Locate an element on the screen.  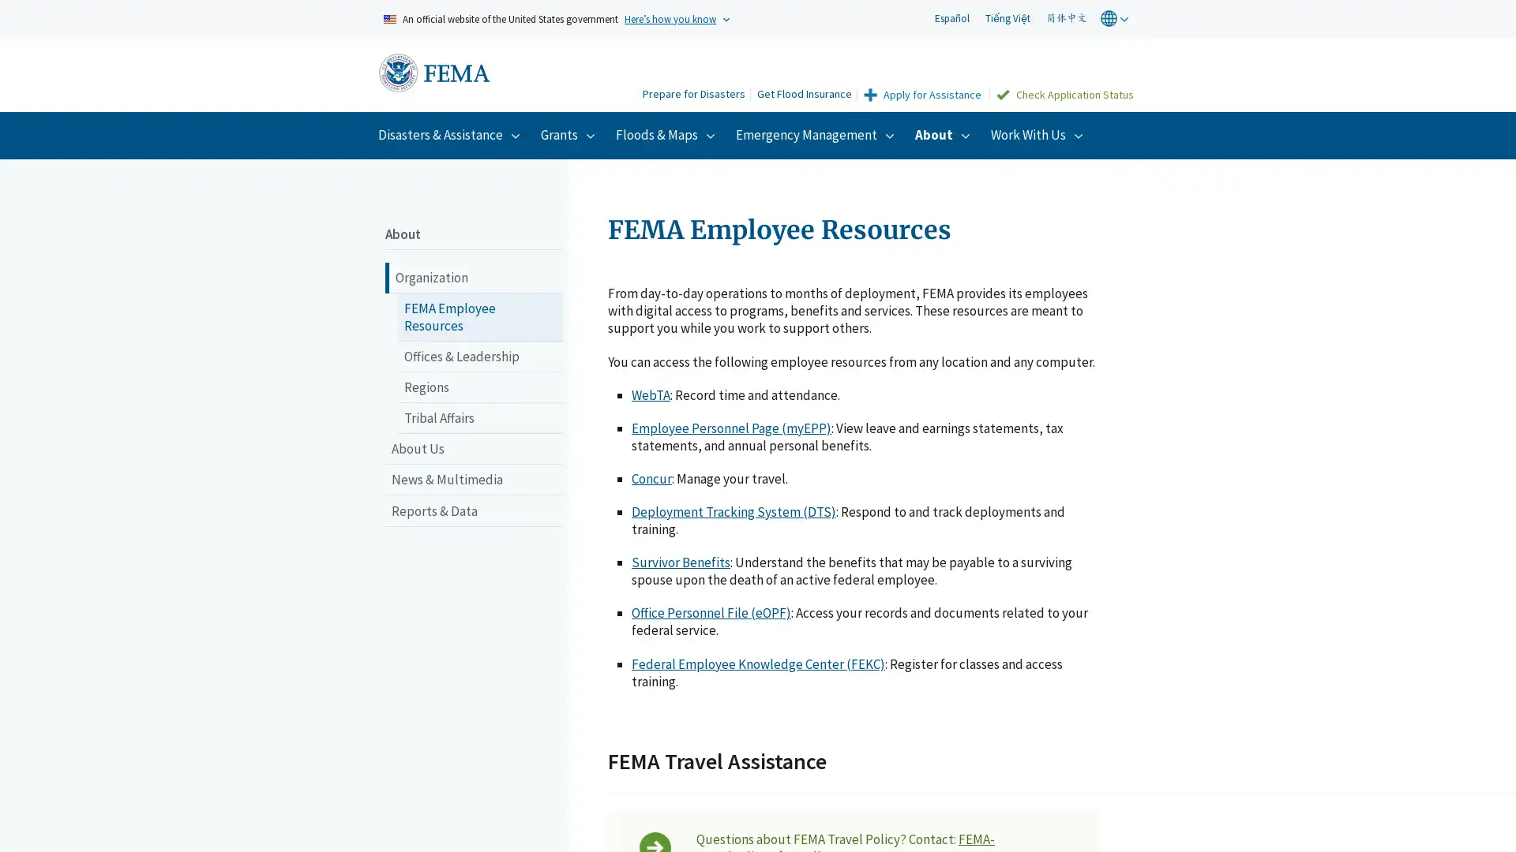
About is located at coordinates (944, 133).